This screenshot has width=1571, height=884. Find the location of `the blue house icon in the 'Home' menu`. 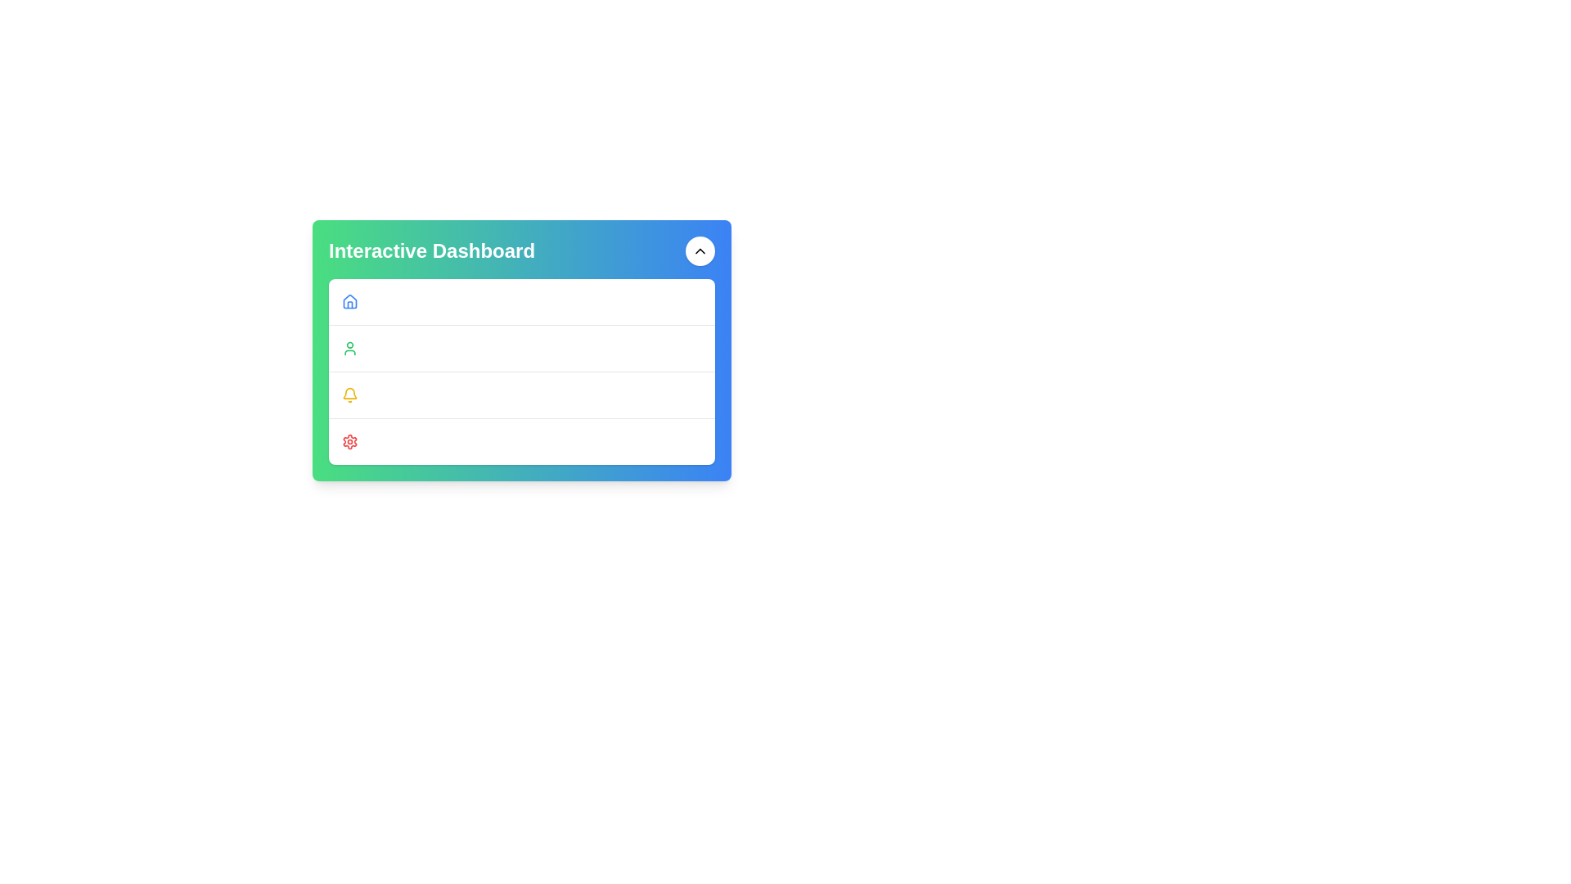

the blue house icon in the 'Home' menu is located at coordinates (349, 302).